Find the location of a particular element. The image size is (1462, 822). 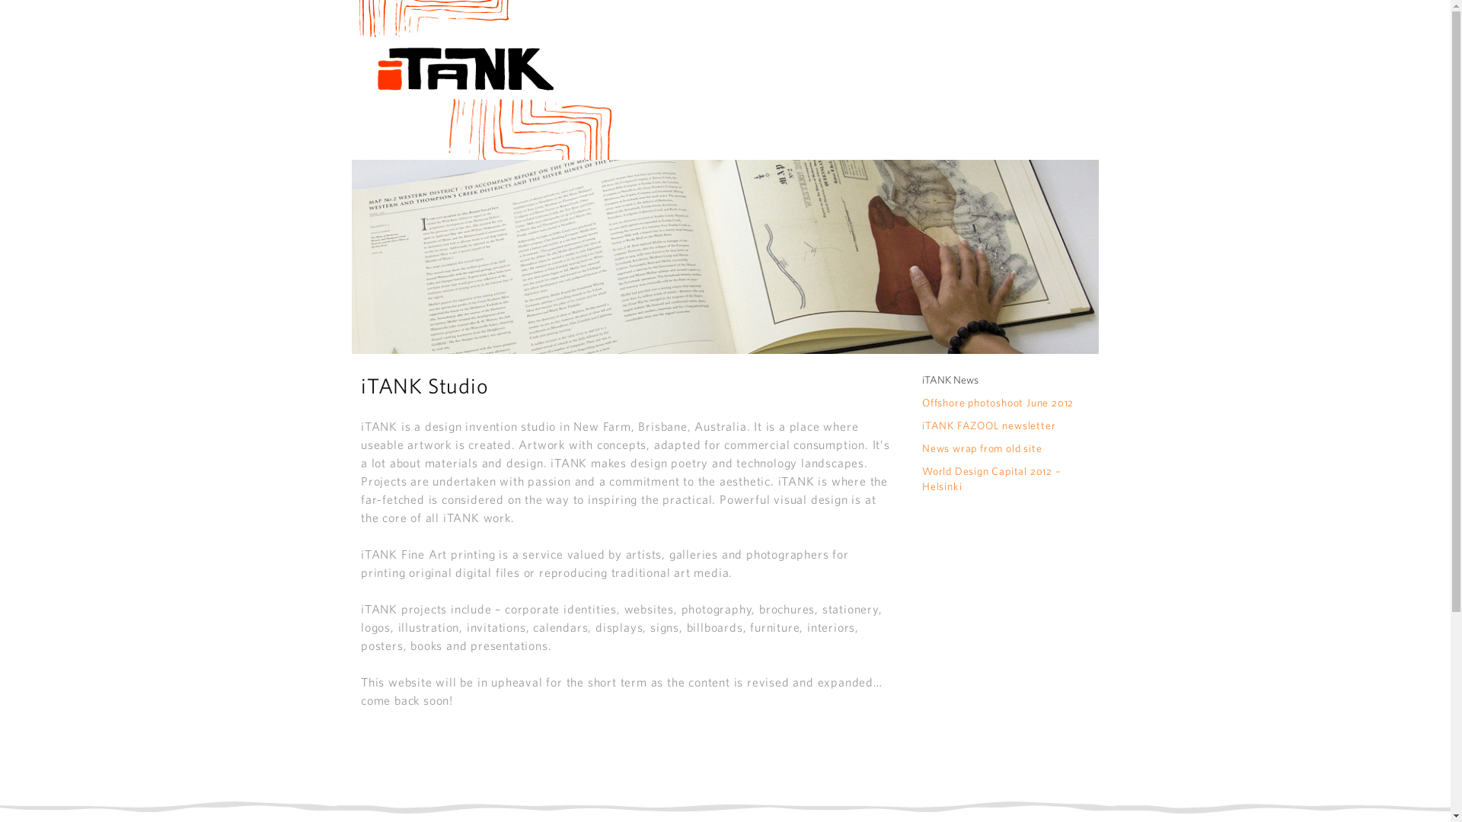

'News wrap from old site' is located at coordinates (982, 448).